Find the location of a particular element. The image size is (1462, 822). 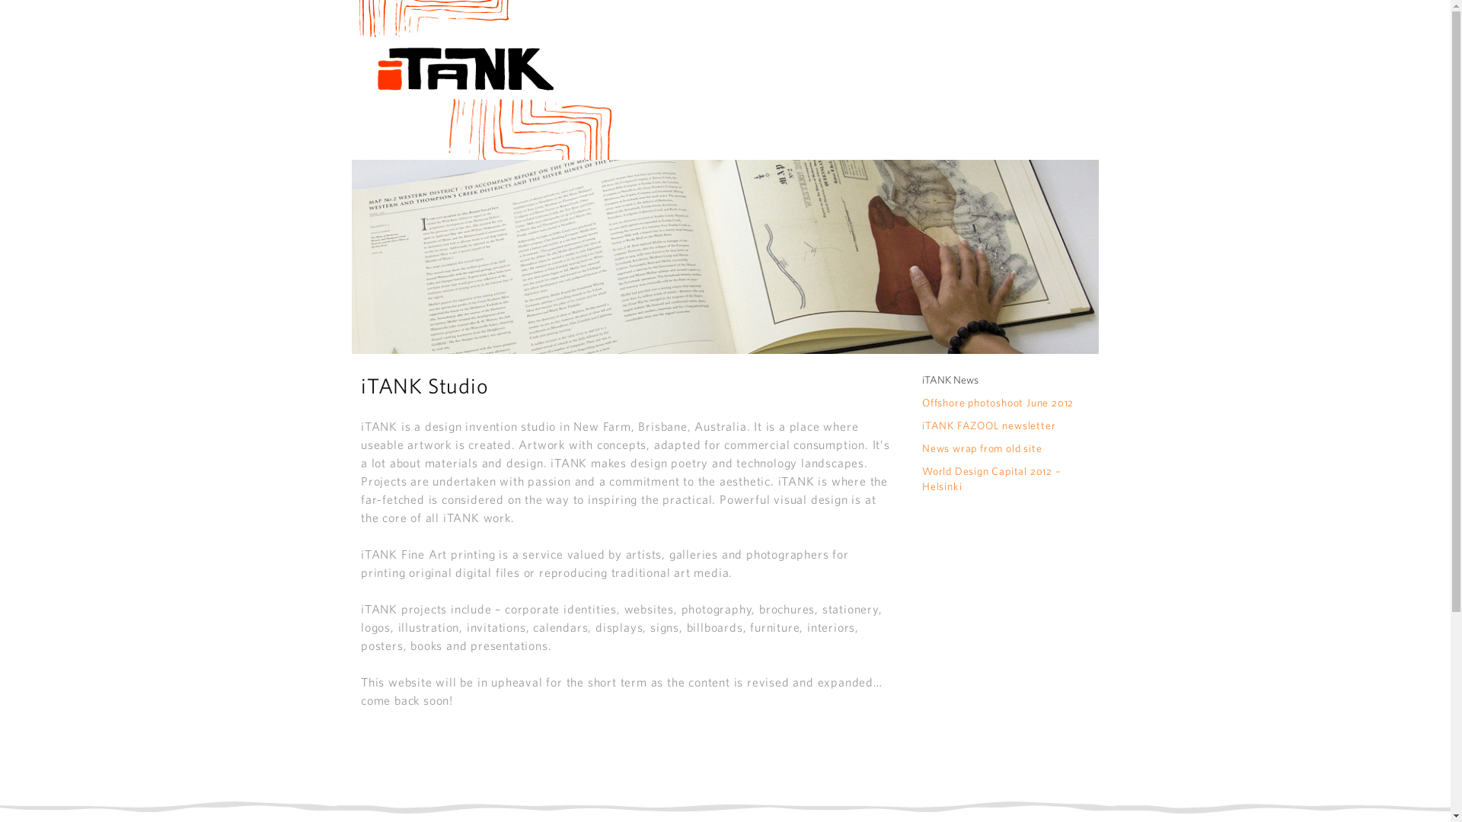

'News wrap from old site' is located at coordinates (982, 448).